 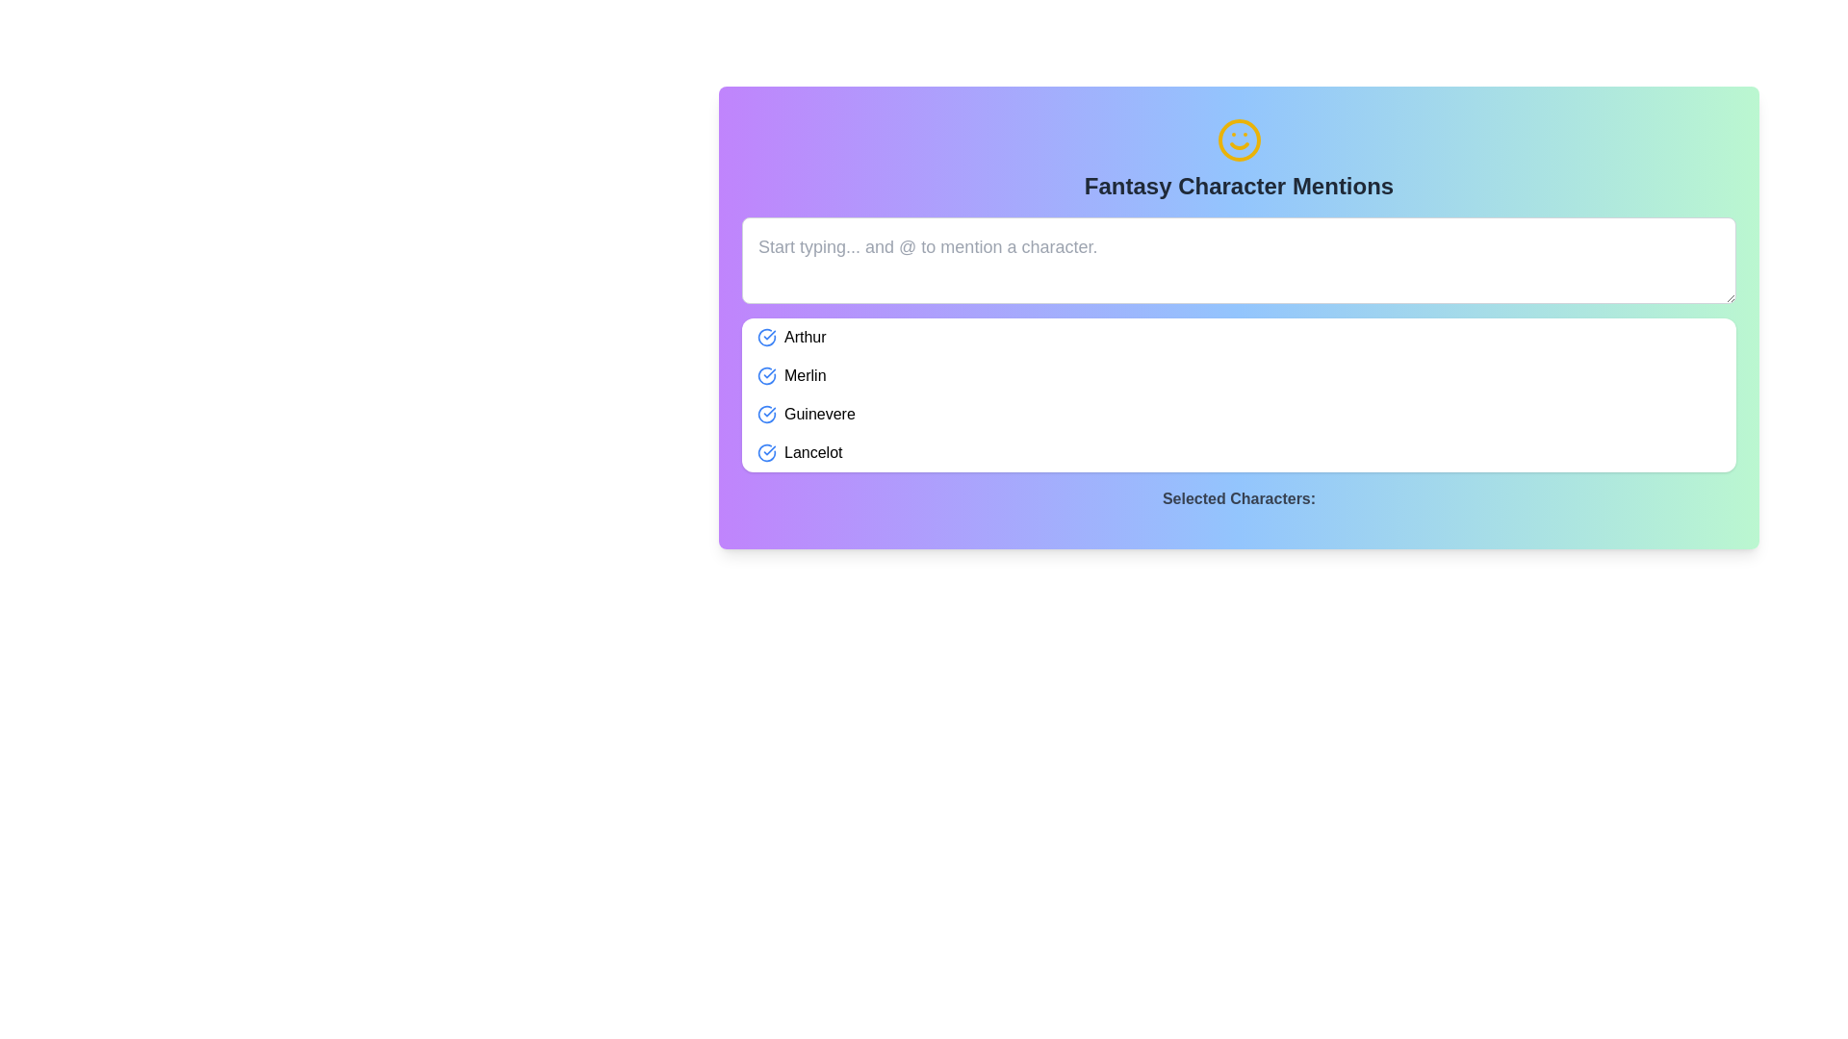 I want to click on the header label 'Selected Characters:', so click(x=1239, y=502).